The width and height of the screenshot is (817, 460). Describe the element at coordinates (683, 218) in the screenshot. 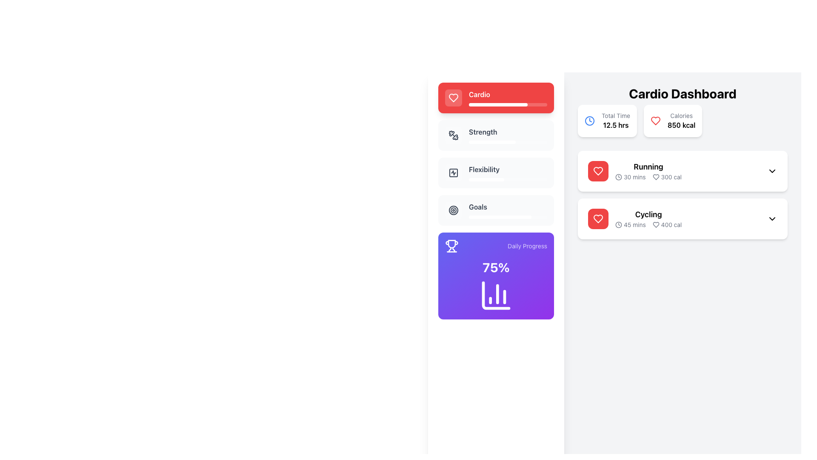

I see `the cycling activity summary card, positioned below the 'Running' card in the 'Cardio Dashboard'` at that location.